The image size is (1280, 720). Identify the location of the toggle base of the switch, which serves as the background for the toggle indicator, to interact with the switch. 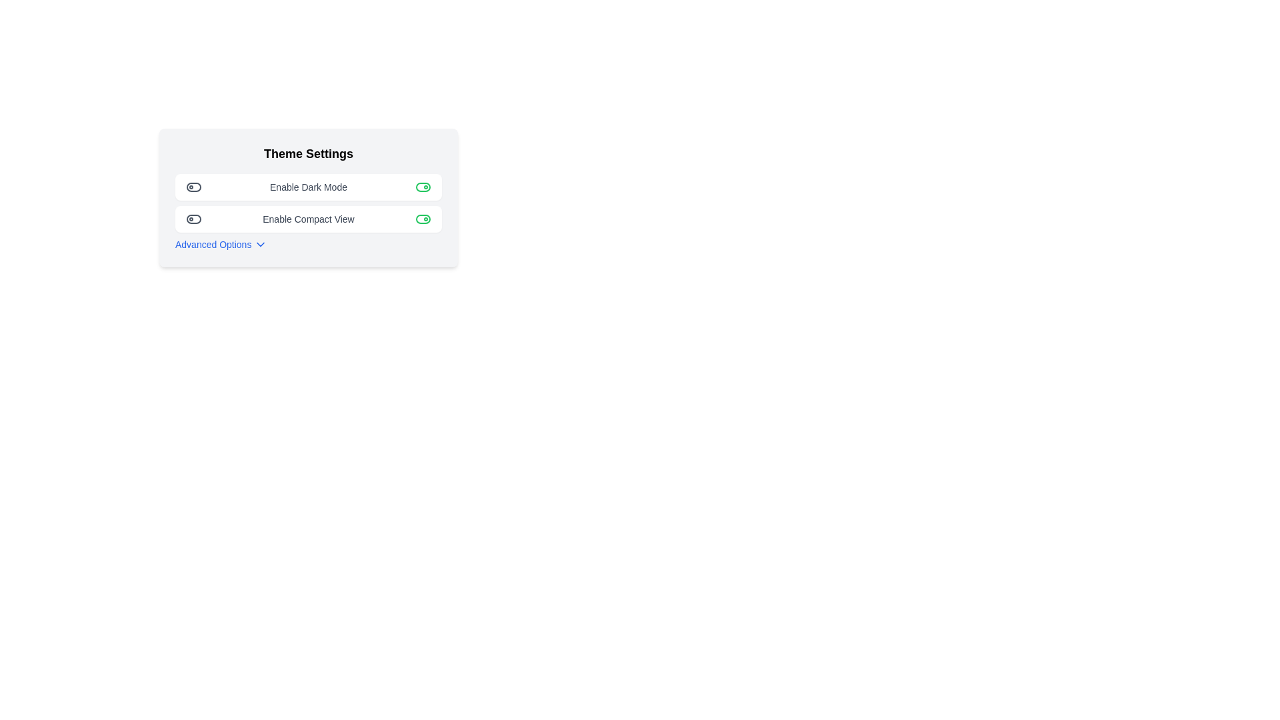
(193, 187).